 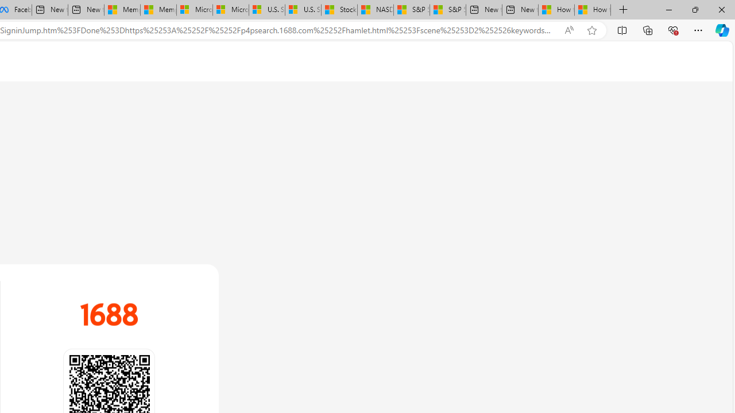 What do you see at coordinates (447, 10) in the screenshot?
I see `'S&P 500, Nasdaq end lower, weighed by Nvidia dip | Watch'` at bounding box center [447, 10].